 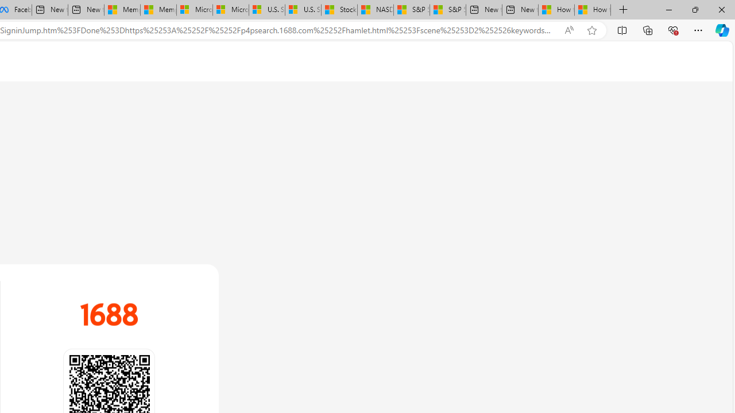 What do you see at coordinates (447, 10) in the screenshot?
I see `'S&P 500, Nasdaq end lower, weighed by Nvidia dip | Watch'` at bounding box center [447, 10].